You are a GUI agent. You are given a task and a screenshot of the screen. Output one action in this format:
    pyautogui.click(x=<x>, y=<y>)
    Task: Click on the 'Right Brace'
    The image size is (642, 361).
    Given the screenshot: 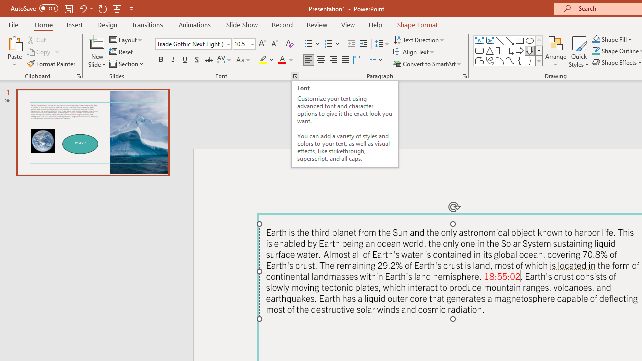 What is the action you would take?
    pyautogui.click(x=529, y=60)
    